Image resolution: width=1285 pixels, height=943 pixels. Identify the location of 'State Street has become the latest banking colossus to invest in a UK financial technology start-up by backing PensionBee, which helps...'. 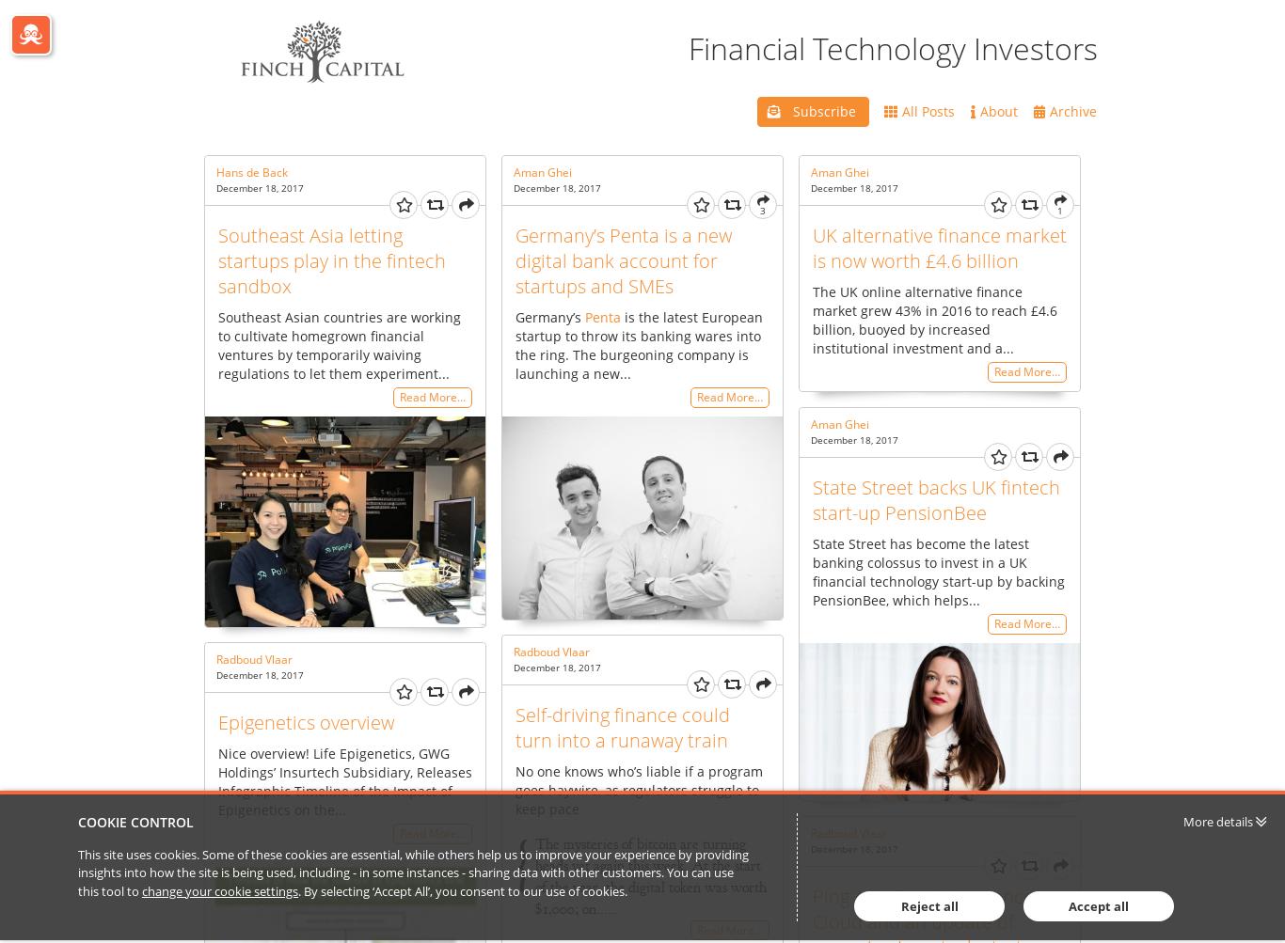
(938, 571).